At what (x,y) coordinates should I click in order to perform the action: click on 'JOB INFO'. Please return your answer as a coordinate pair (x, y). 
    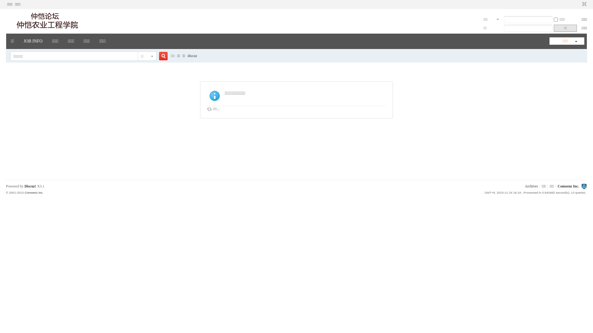
    Looking at the image, I should click on (32, 39).